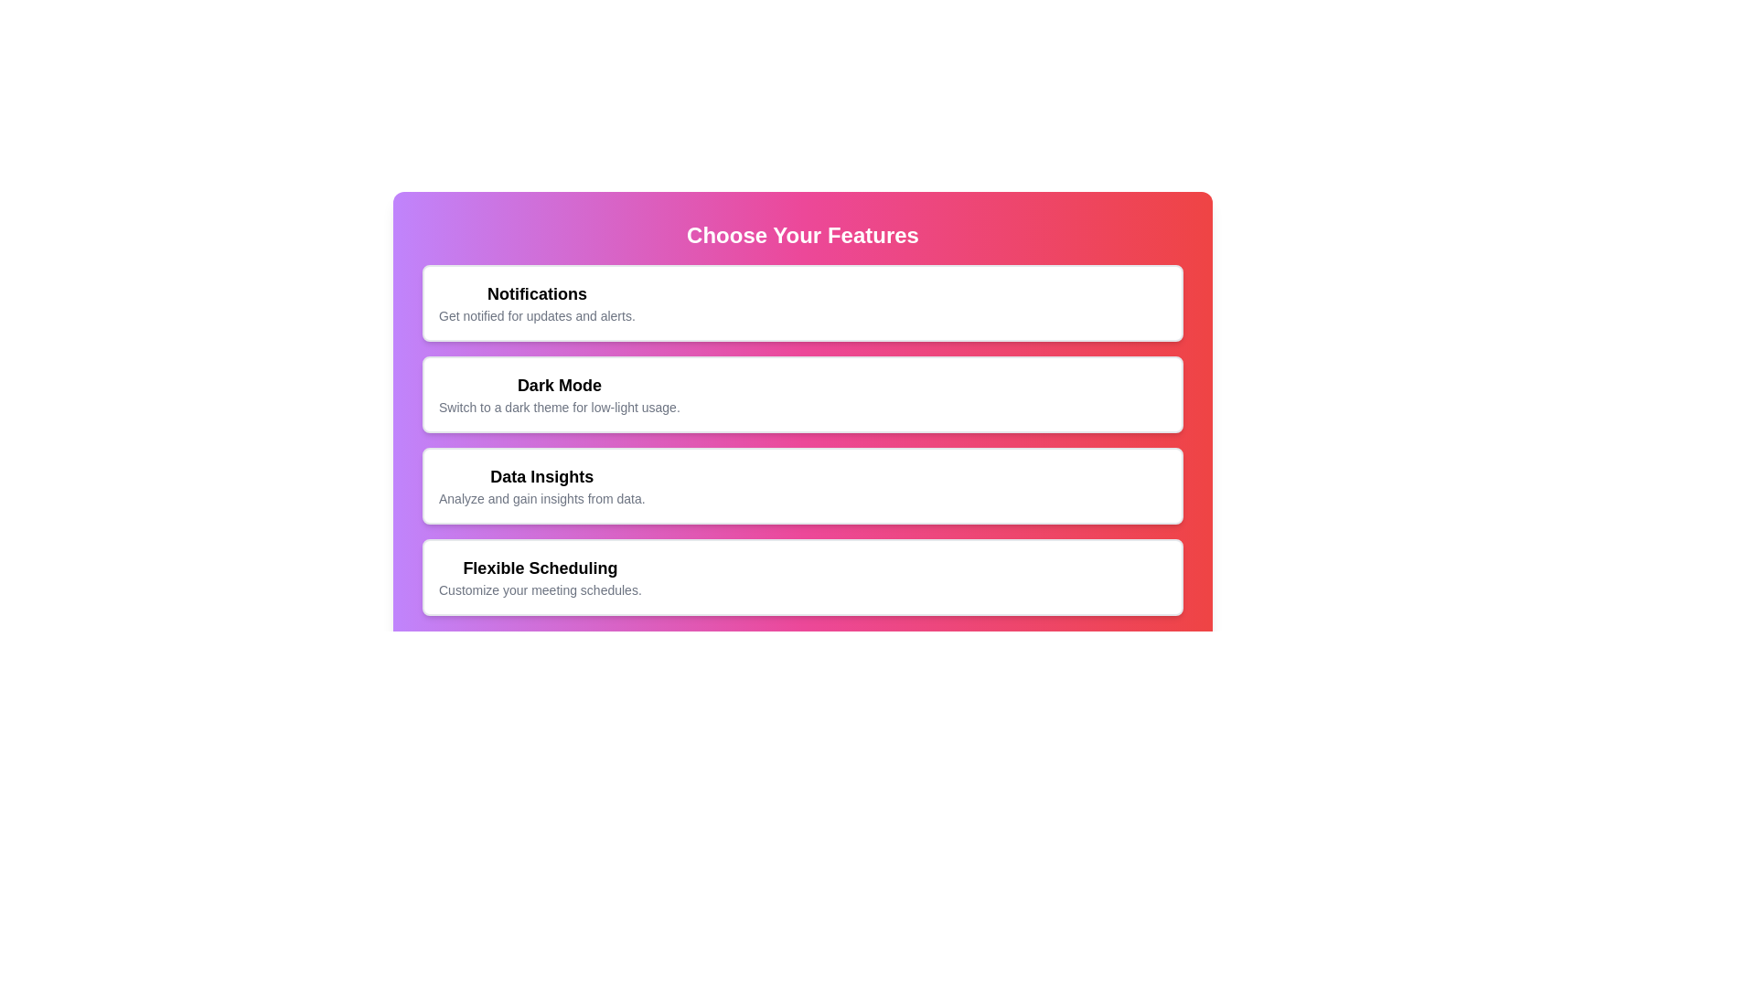 This screenshot has width=1756, height=987. Describe the element at coordinates (539, 578) in the screenshot. I see `the Informational Card that presents information about the feature 'Flexible Scheduling', located at the bottom of the list of features under the section titled 'Choose Your Features'` at that location.